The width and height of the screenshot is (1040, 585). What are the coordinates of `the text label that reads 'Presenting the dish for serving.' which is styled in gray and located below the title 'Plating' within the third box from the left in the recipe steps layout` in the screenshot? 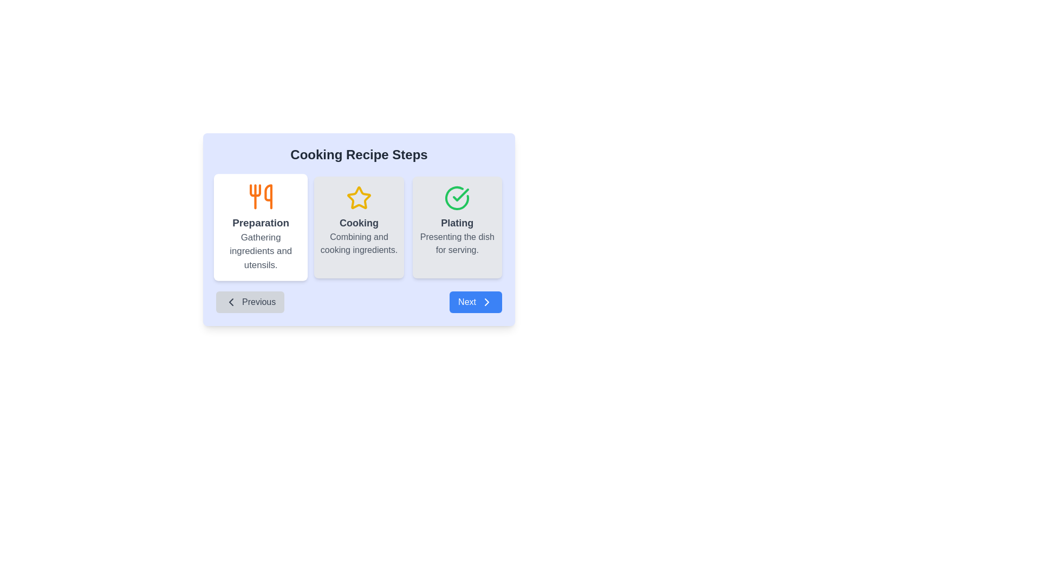 It's located at (457, 244).